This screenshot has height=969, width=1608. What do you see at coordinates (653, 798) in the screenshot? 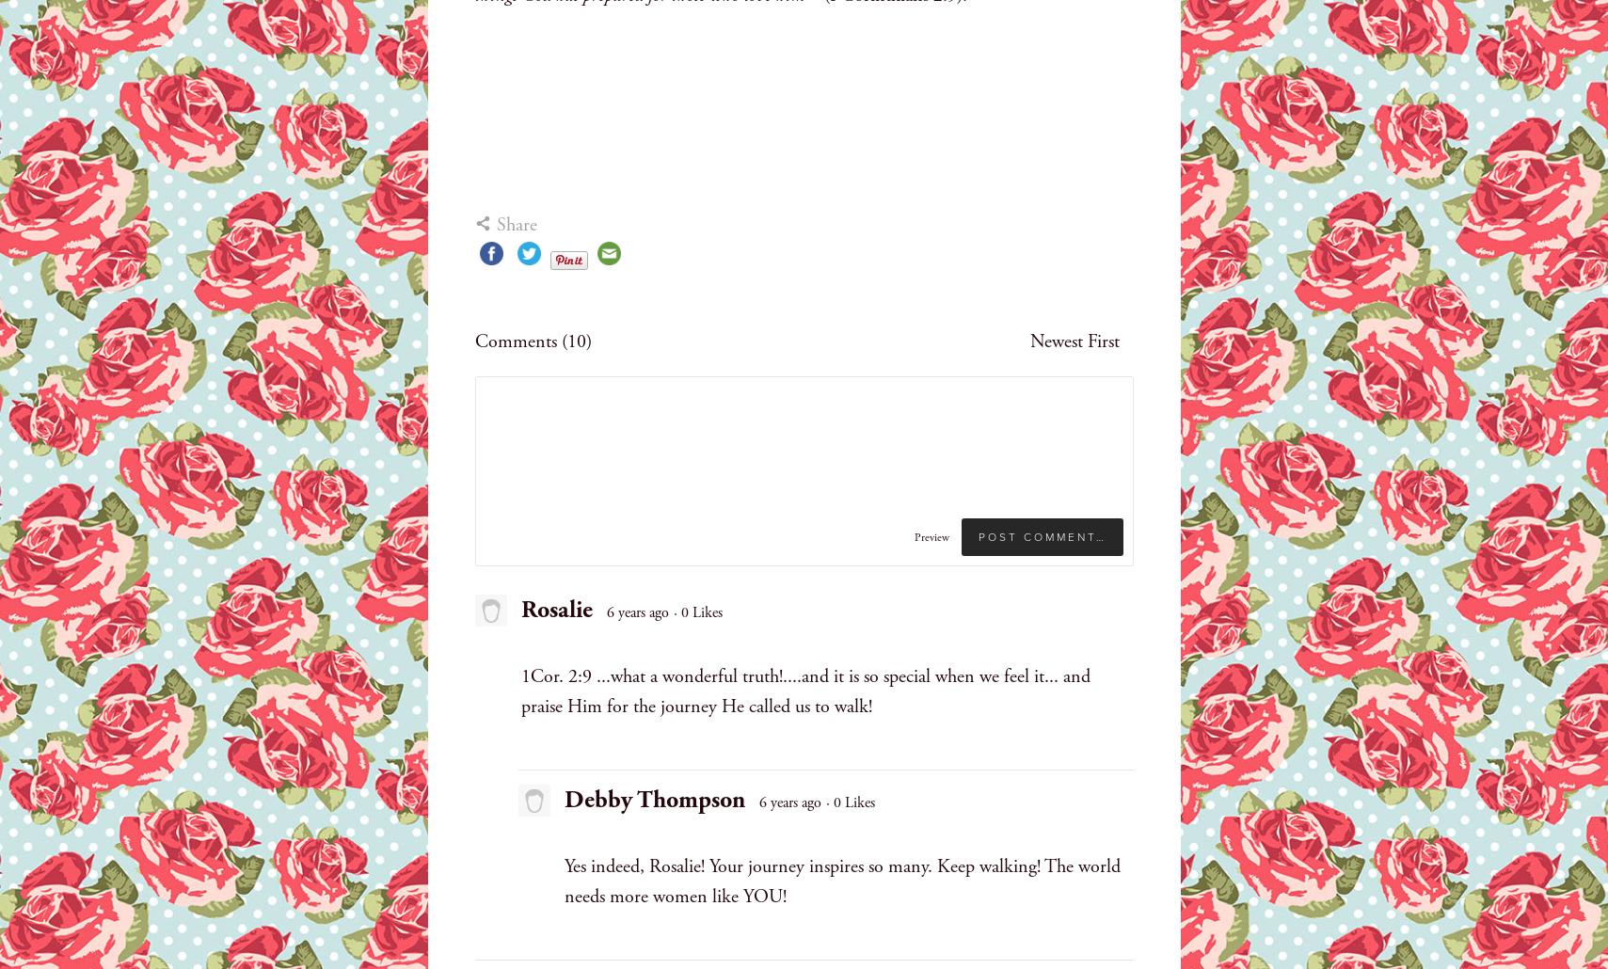
I see `'Debby Thompson'` at bounding box center [653, 798].